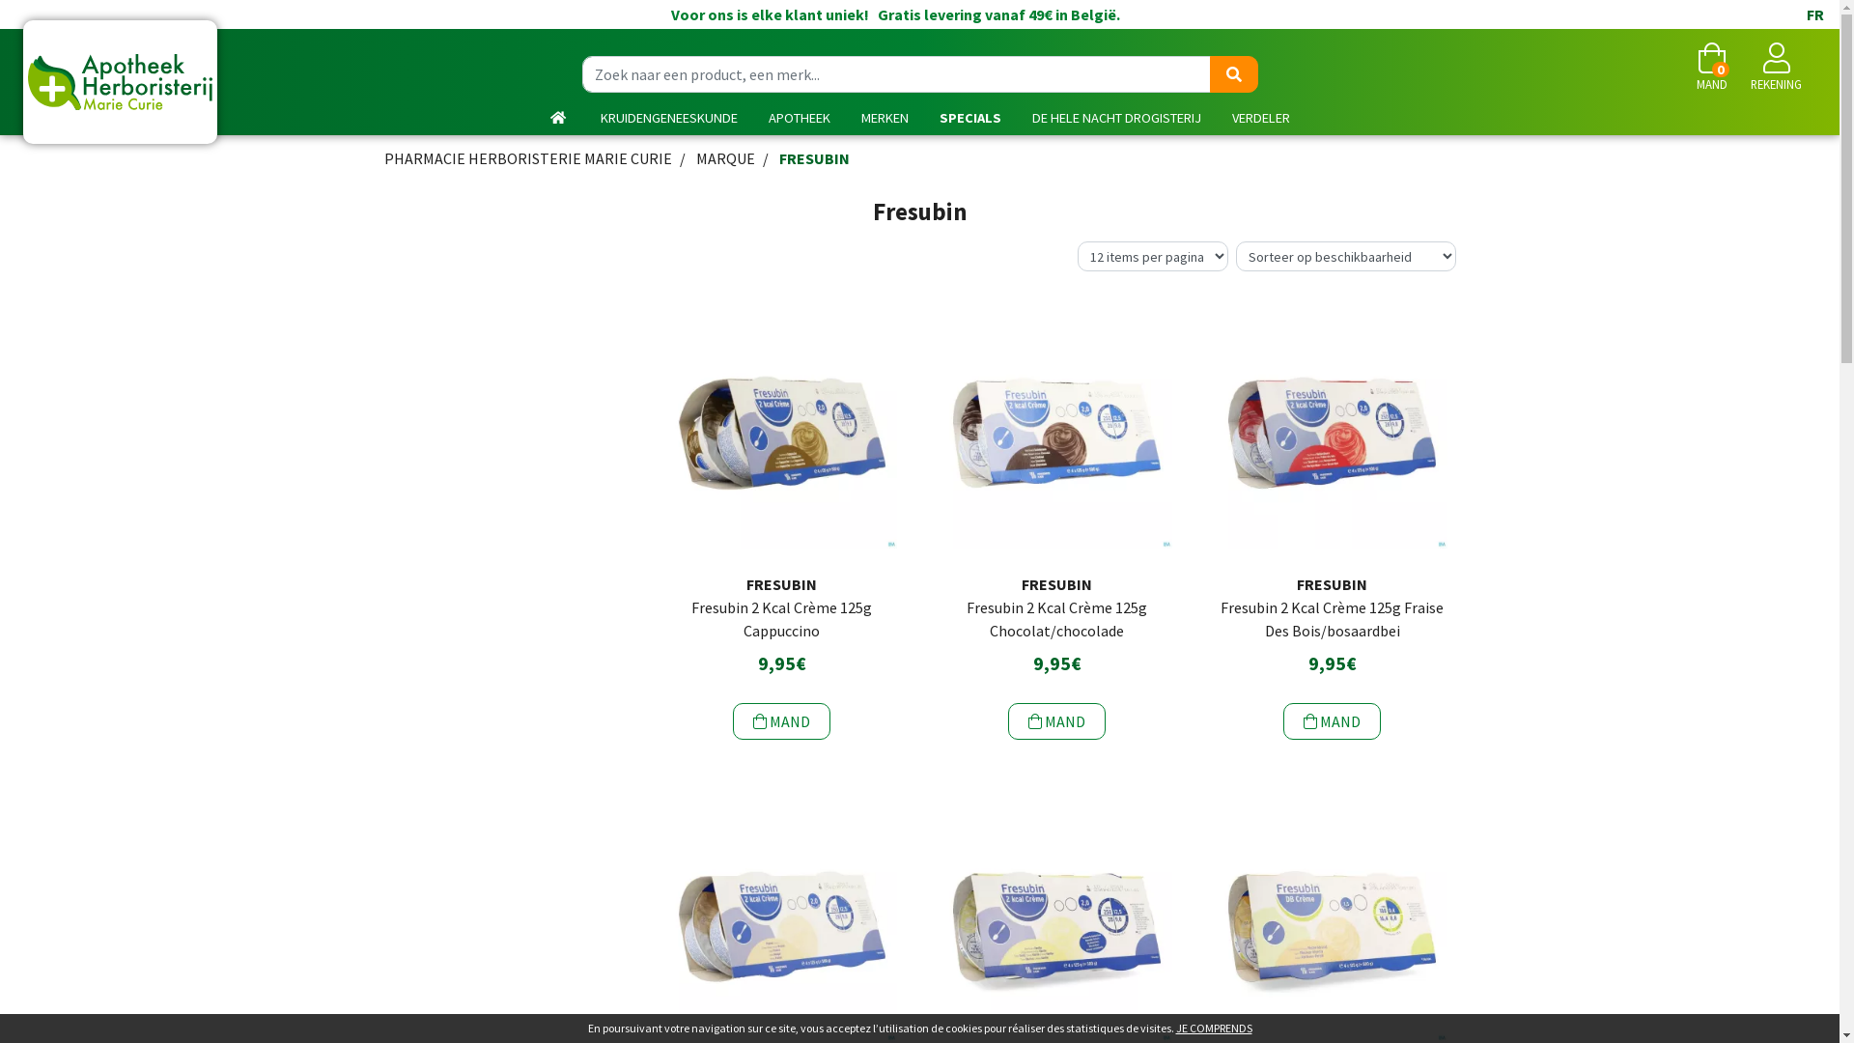 This screenshot has width=1854, height=1043. I want to click on 'VERDELER', so click(1260, 119).